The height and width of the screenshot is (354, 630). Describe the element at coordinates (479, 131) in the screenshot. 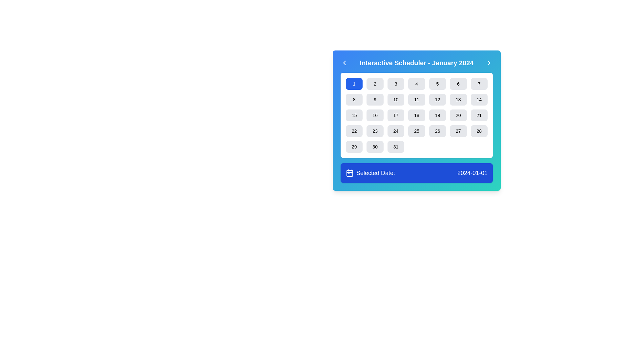

I see `the calendar day selector button for the date '28' to activate hover effects` at that location.